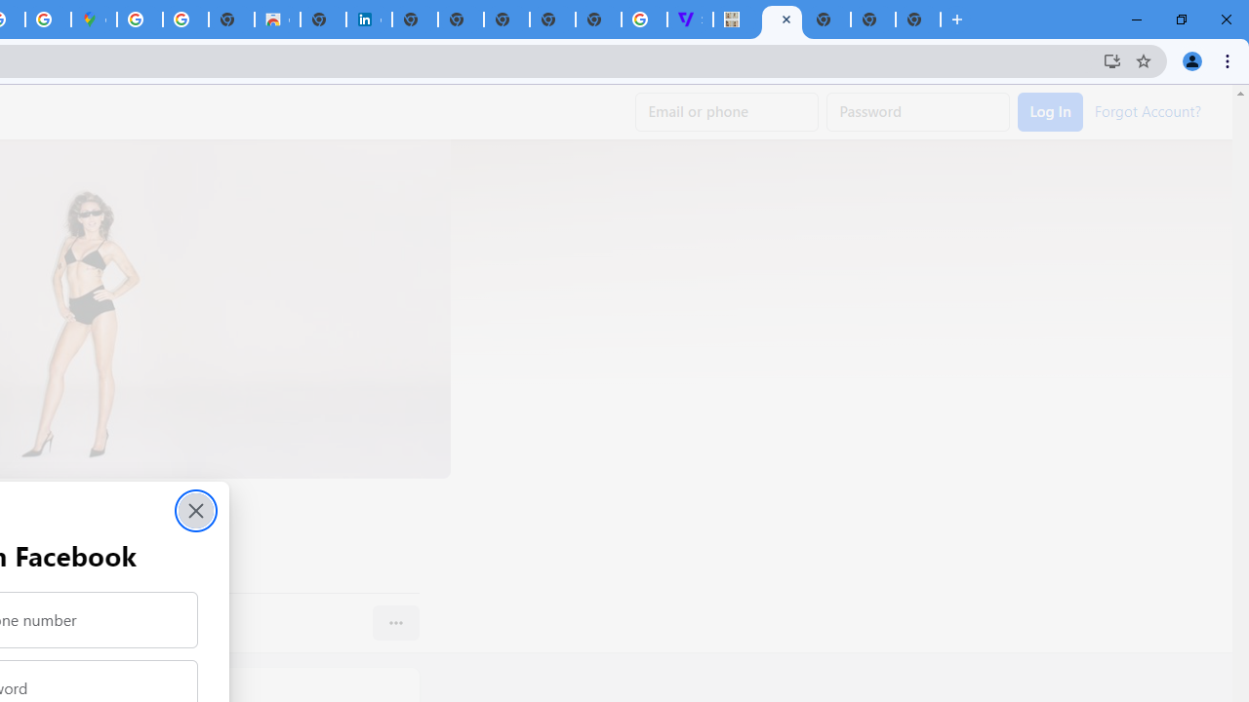 The height and width of the screenshot is (702, 1249). Describe the element at coordinates (782, 19) in the screenshot. I see `'Miley Cyrus | Facebook'` at that location.